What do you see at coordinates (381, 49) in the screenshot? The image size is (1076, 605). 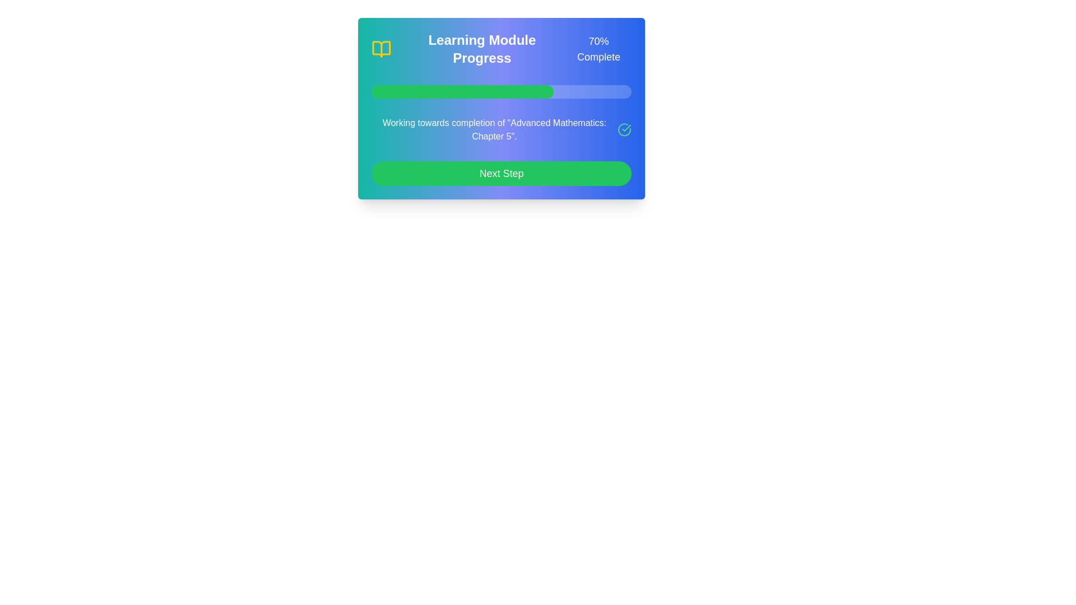 I see `the icon indicating progress in the educational module located at the top-left corner of the 'Learning Module Progress' card` at bounding box center [381, 49].